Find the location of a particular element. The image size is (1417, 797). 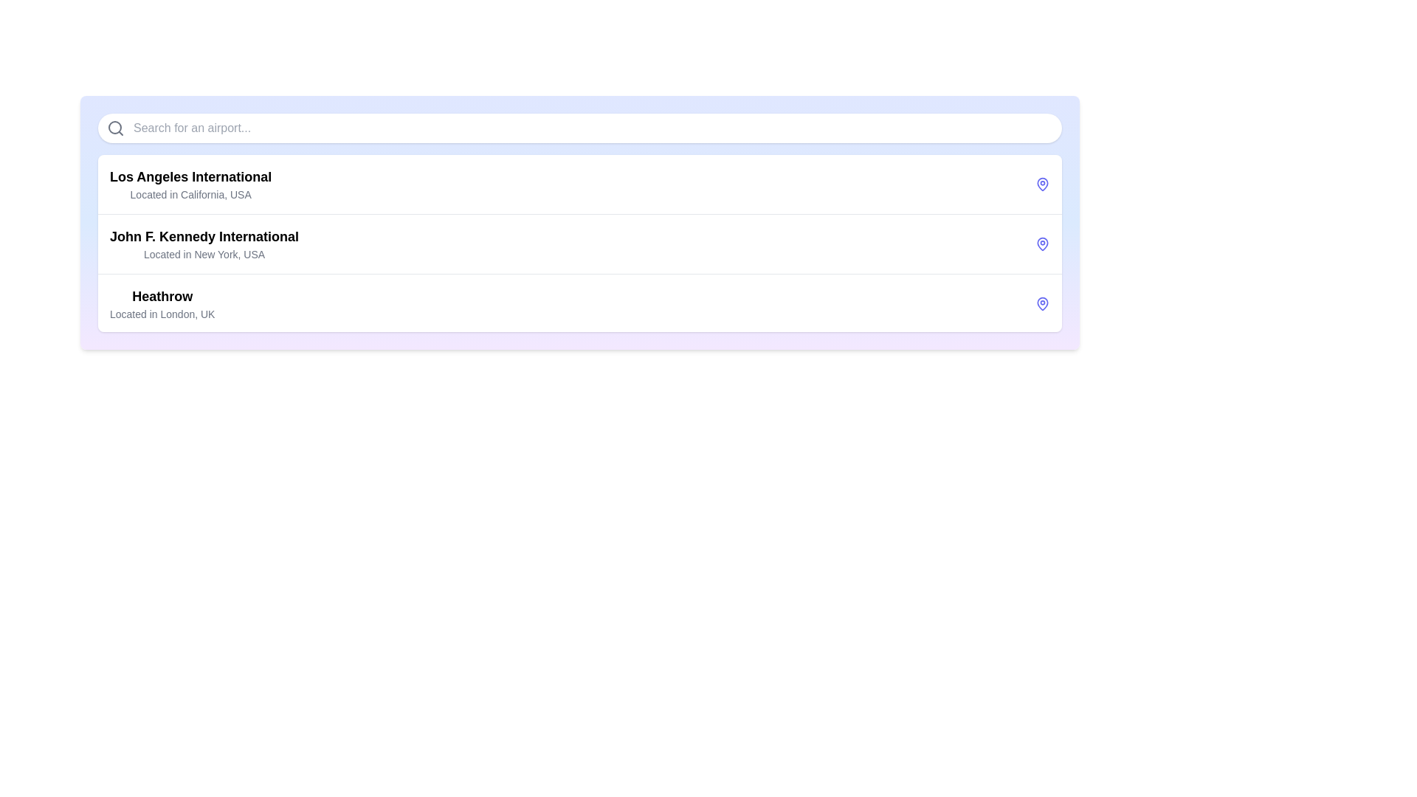

the static informational label providing details about 'Heathrow', which specifies its location as 'London, UK', located beneath the 'Heathrow' heading in the third list item is located at coordinates (162, 313).